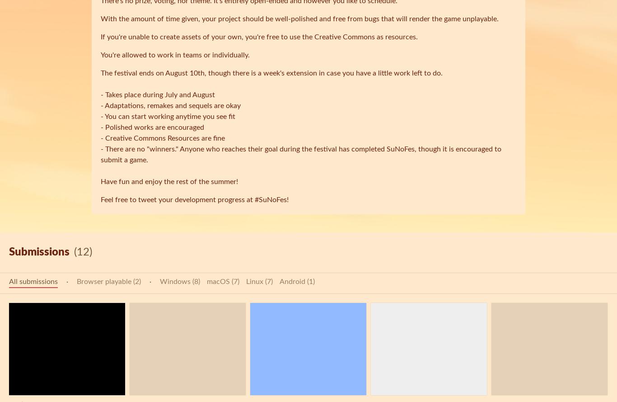 The width and height of the screenshot is (617, 402). Describe the element at coordinates (271, 73) in the screenshot. I see `'The festival ends on August 10th, though there is a week's extension in case you have a little work left to do.'` at that location.